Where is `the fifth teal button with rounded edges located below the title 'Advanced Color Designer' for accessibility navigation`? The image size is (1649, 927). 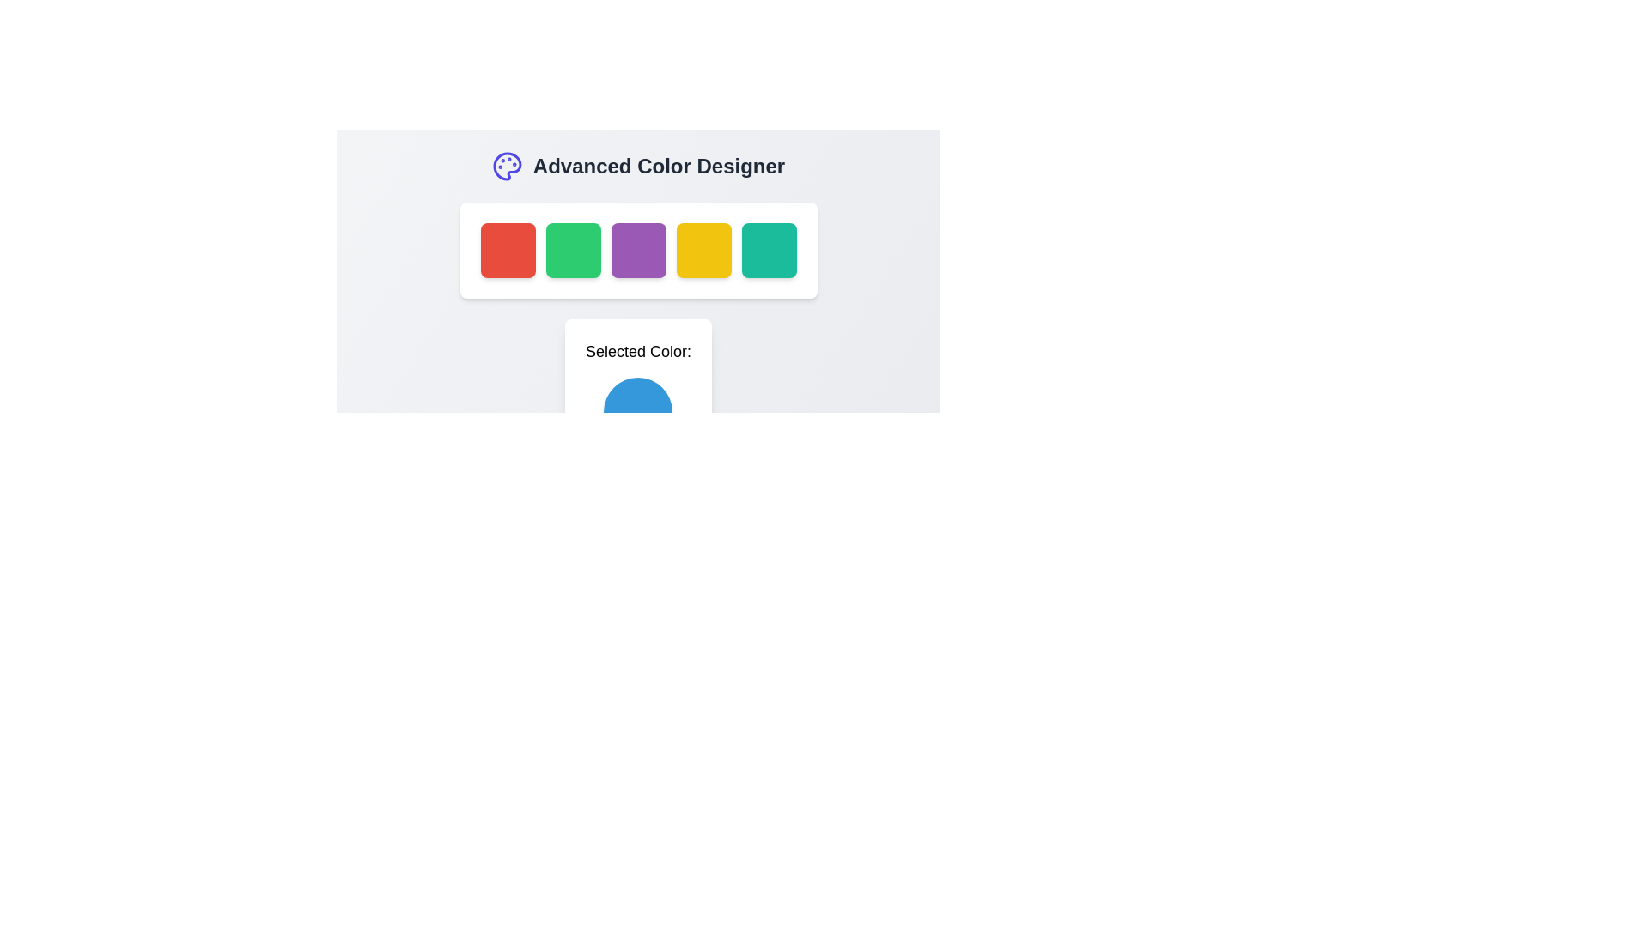
the fifth teal button with rounded edges located below the title 'Advanced Color Designer' for accessibility navigation is located at coordinates (768, 251).